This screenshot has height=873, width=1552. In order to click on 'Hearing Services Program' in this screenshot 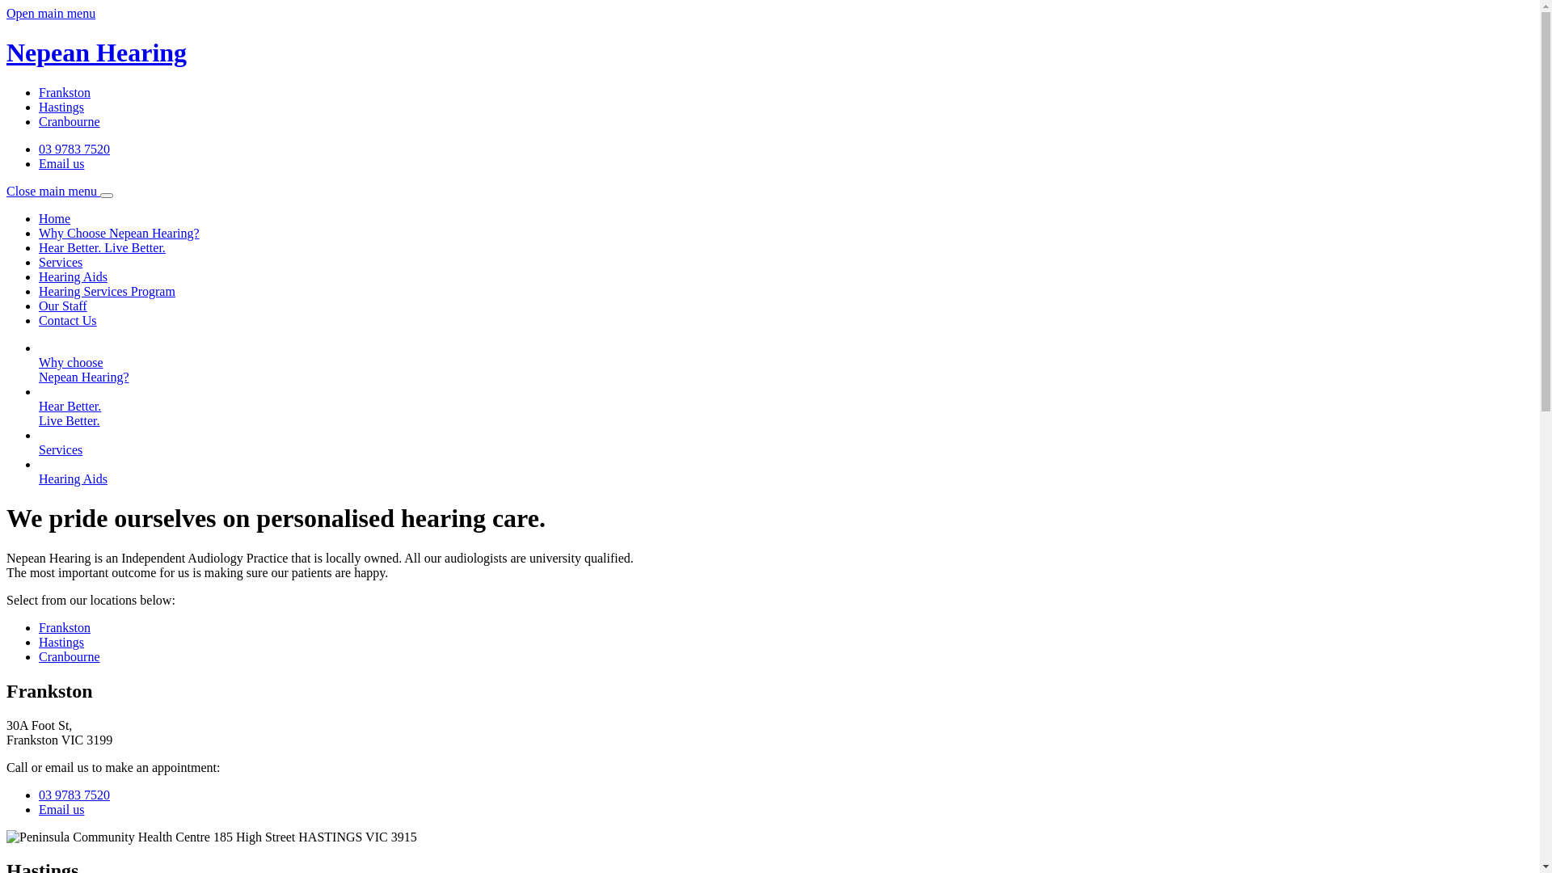, I will do `click(106, 291)`.